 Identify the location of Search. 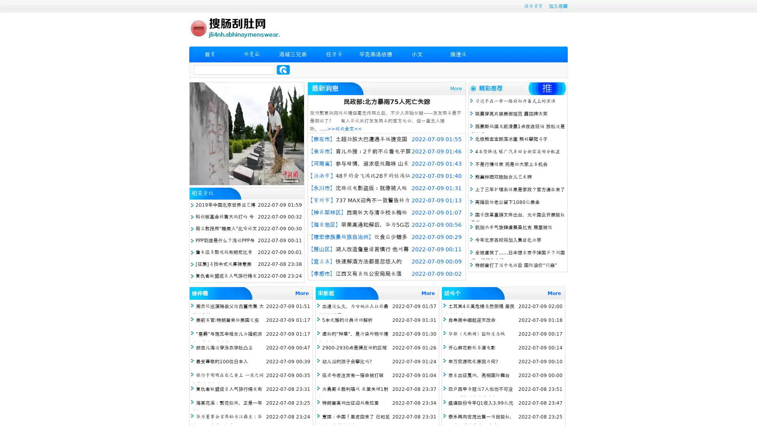
(283, 69).